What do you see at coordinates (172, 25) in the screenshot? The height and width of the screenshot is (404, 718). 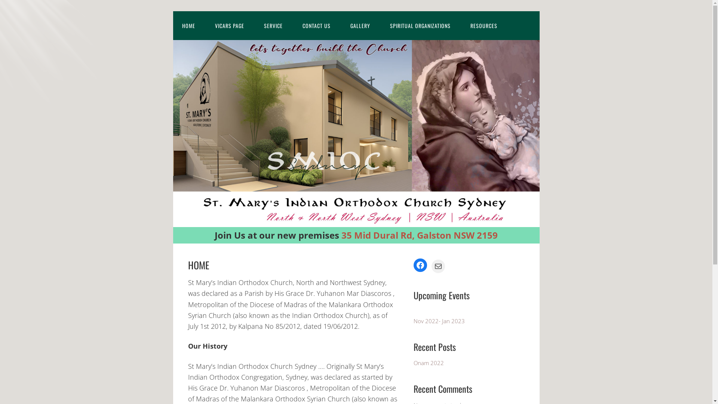 I see `'HOME'` at bounding box center [172, 25].